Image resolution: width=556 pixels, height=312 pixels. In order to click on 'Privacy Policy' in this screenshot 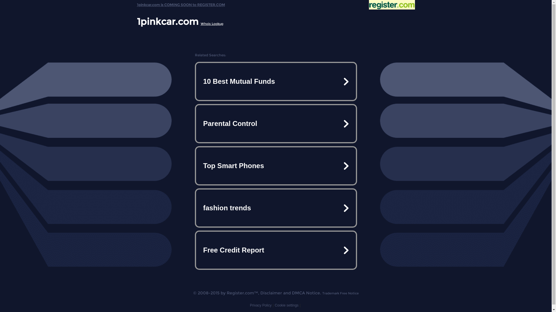, I will do `click(250, 305)`.